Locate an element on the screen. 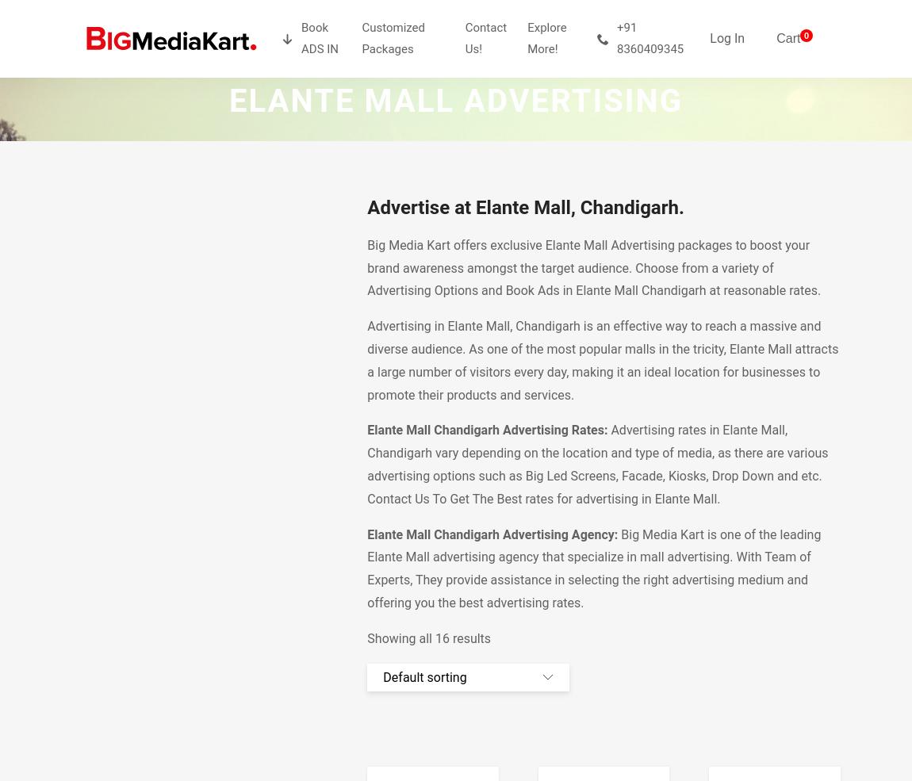 This screenshot has height=781, width=912. '0' is located at coordinates (803, 34).